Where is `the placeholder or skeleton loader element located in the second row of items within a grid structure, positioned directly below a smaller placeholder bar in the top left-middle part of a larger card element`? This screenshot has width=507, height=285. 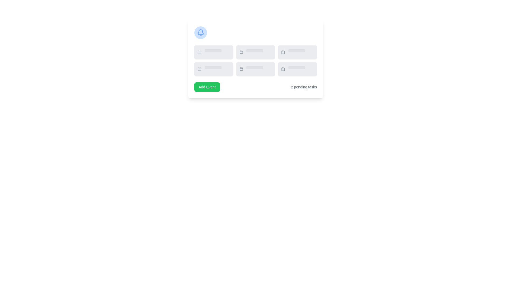 the placeholder or skeleton loader element located in the second row of items within a grid structure, positioned directly below a smaller placeholder bar in the top left-middle part of a larger card element is located at coordinates (217, 54).